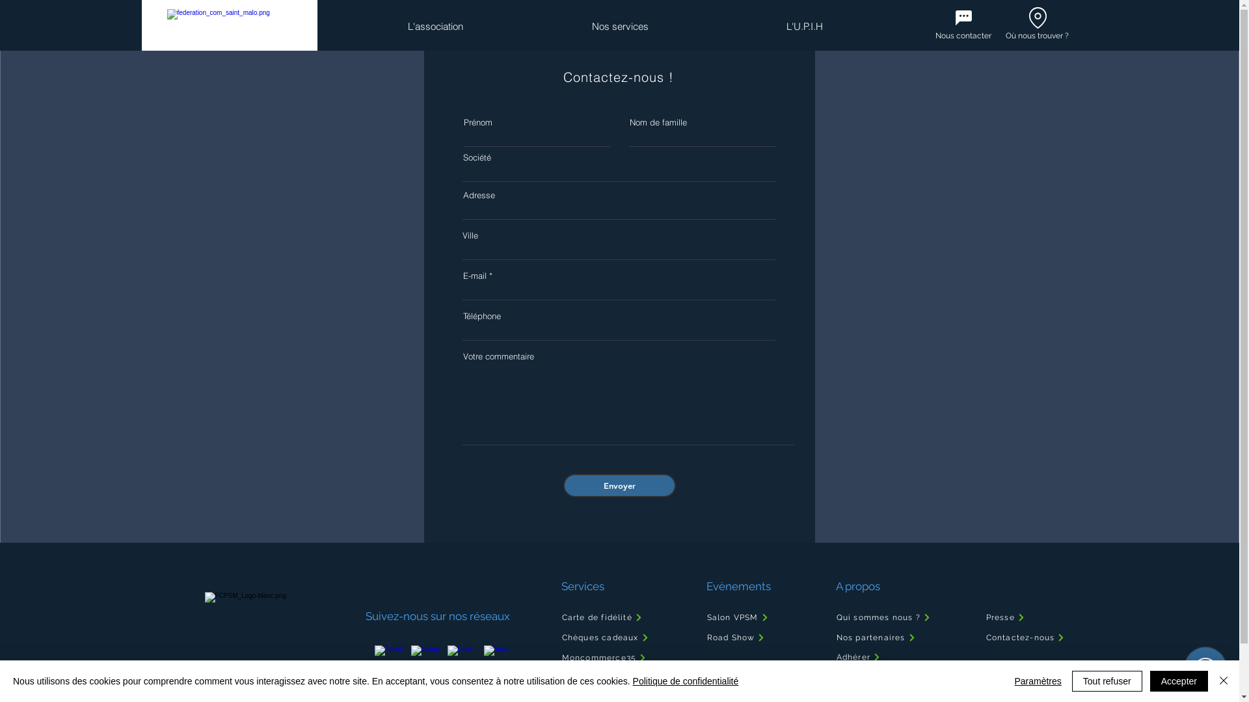  Describe the element at coordinates (625, 657) in the screenshot. I see `'Moncommerce35'` at that location.